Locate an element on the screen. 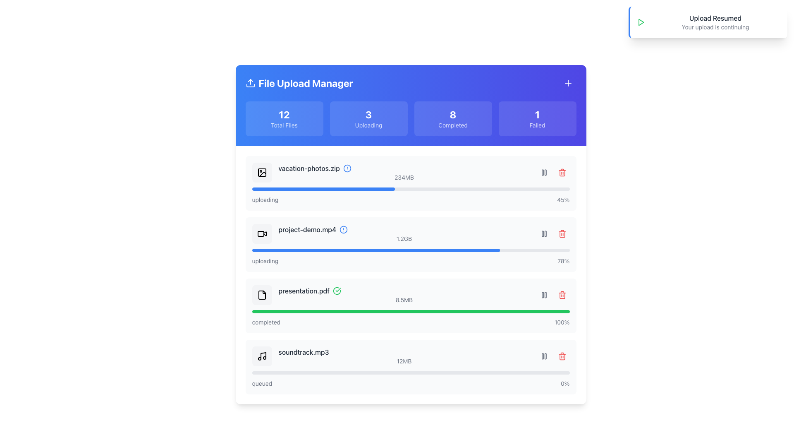 The image size is (794, 447). the icon resembling a picture frame with a circle and diagonal line, which is part of the first file upload entry and aligned to the left side is located at coordinates (261, 172).